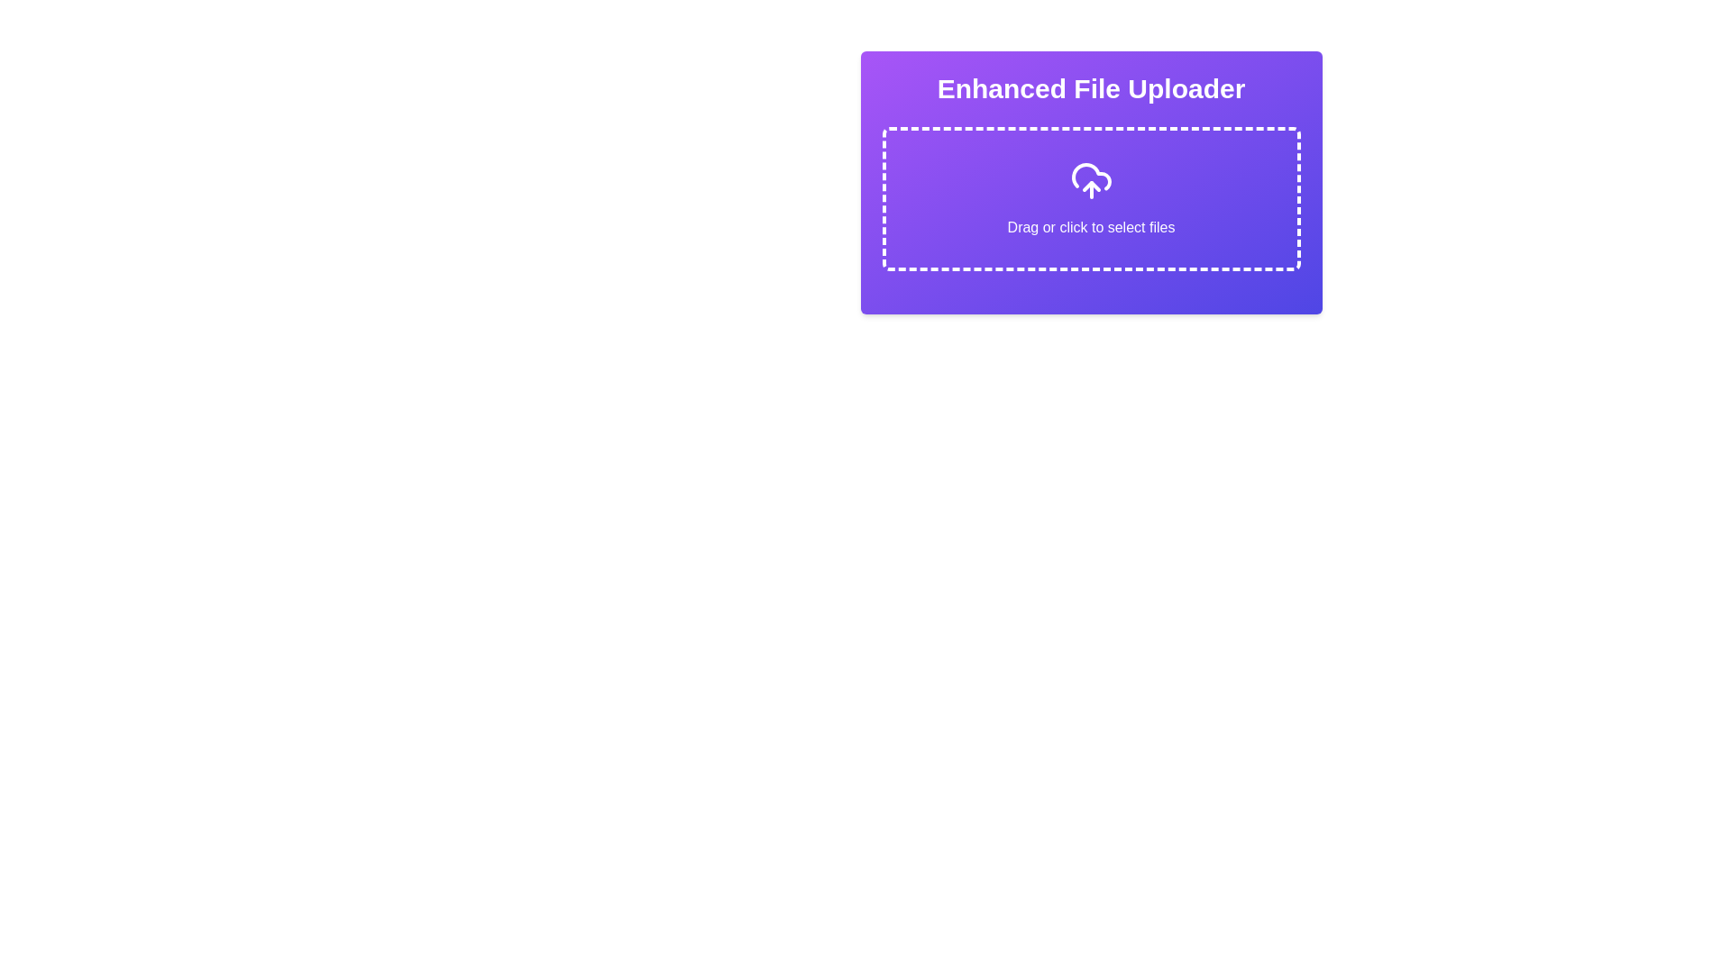  Describe the element at coordinates (1090, 177) in the screenshot. I see `the upload icon located at the center of the graphical upload icon within the dashed-outline rectangular upload area on the 'Enhanced File Uploader' purple card` at that location.